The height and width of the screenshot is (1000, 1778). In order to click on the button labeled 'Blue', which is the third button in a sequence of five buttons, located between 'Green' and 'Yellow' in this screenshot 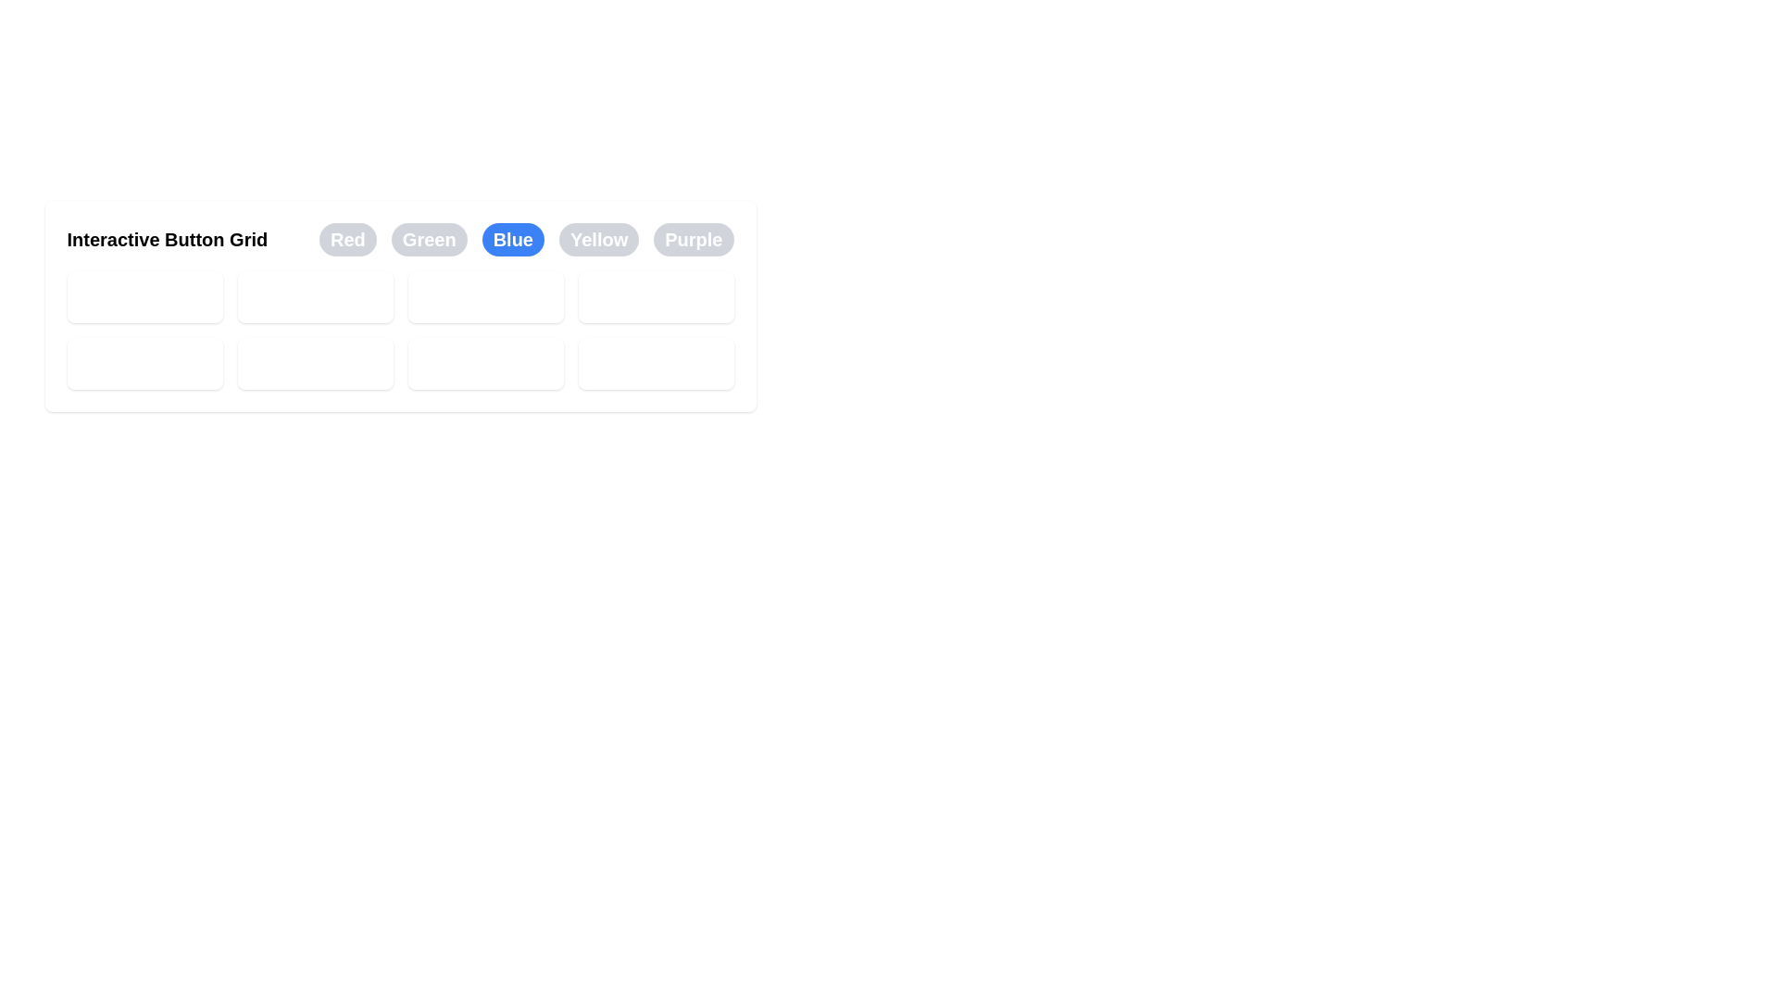, I will do `click(525, 238)`.